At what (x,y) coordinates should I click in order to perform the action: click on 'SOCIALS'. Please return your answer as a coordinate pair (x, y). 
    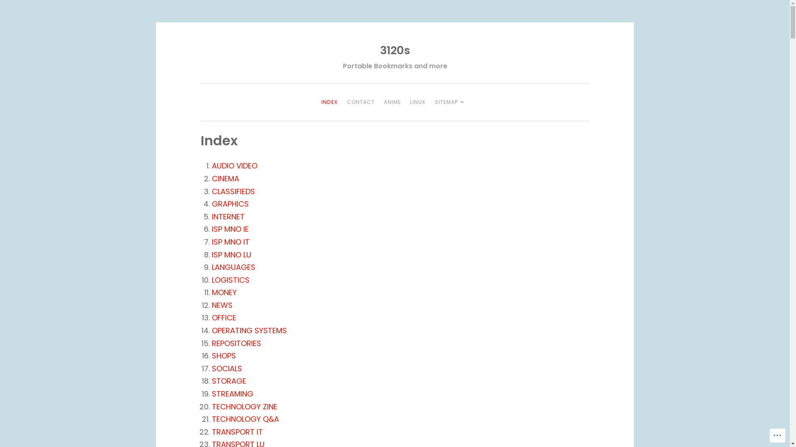
    Looking at the image, I should click on (227, 368).